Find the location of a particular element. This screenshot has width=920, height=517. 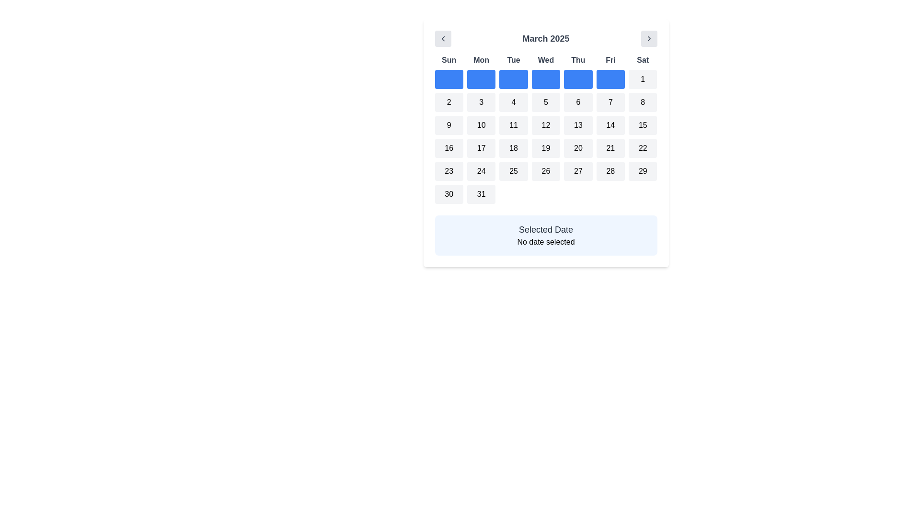

the small rectangular button with rounded edges and the number '21' in black text, located in the sixth row under the 'Fri.' column of the calendar grid is located at coordinates (609, 148).